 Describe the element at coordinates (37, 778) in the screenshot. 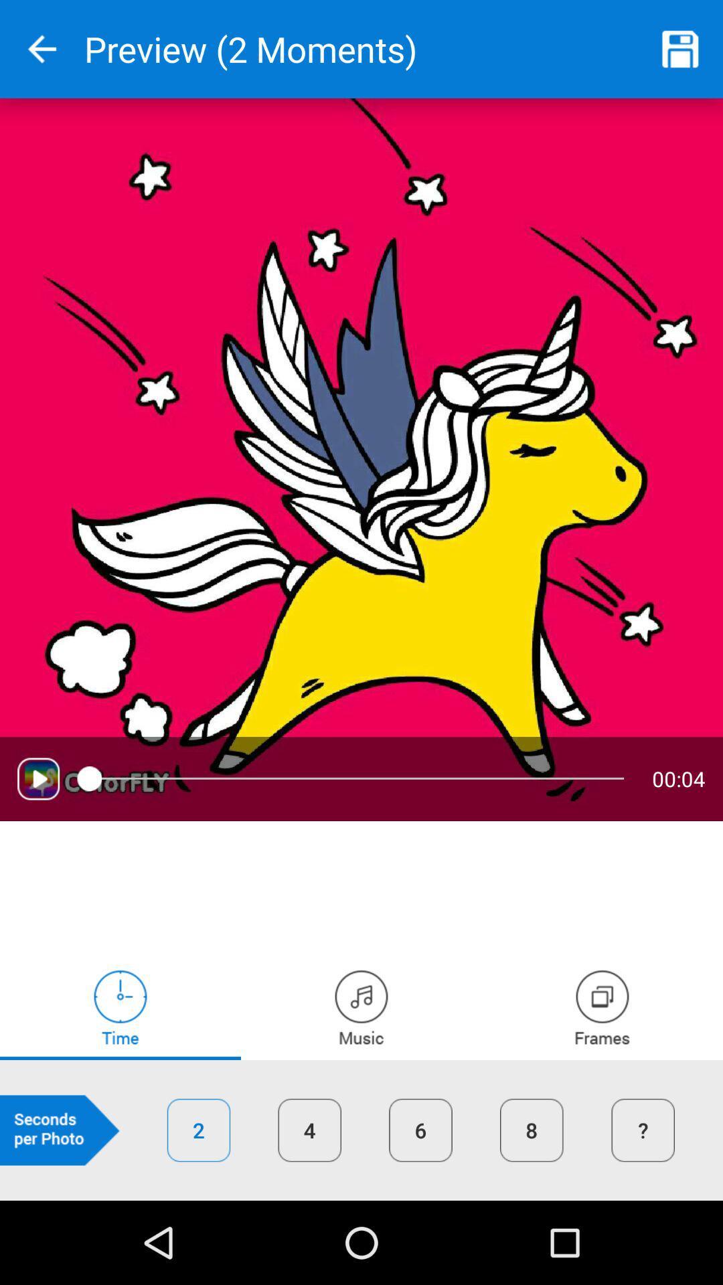

I see `play` at that location.